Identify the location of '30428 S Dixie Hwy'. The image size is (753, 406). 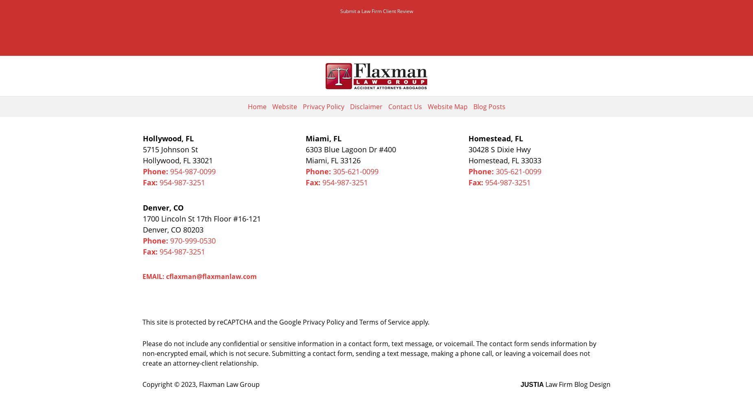
(499, 149).